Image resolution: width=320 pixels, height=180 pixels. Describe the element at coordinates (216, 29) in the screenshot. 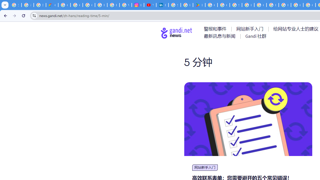

I see `'AutomationID: menu-item-77761'` at that location.